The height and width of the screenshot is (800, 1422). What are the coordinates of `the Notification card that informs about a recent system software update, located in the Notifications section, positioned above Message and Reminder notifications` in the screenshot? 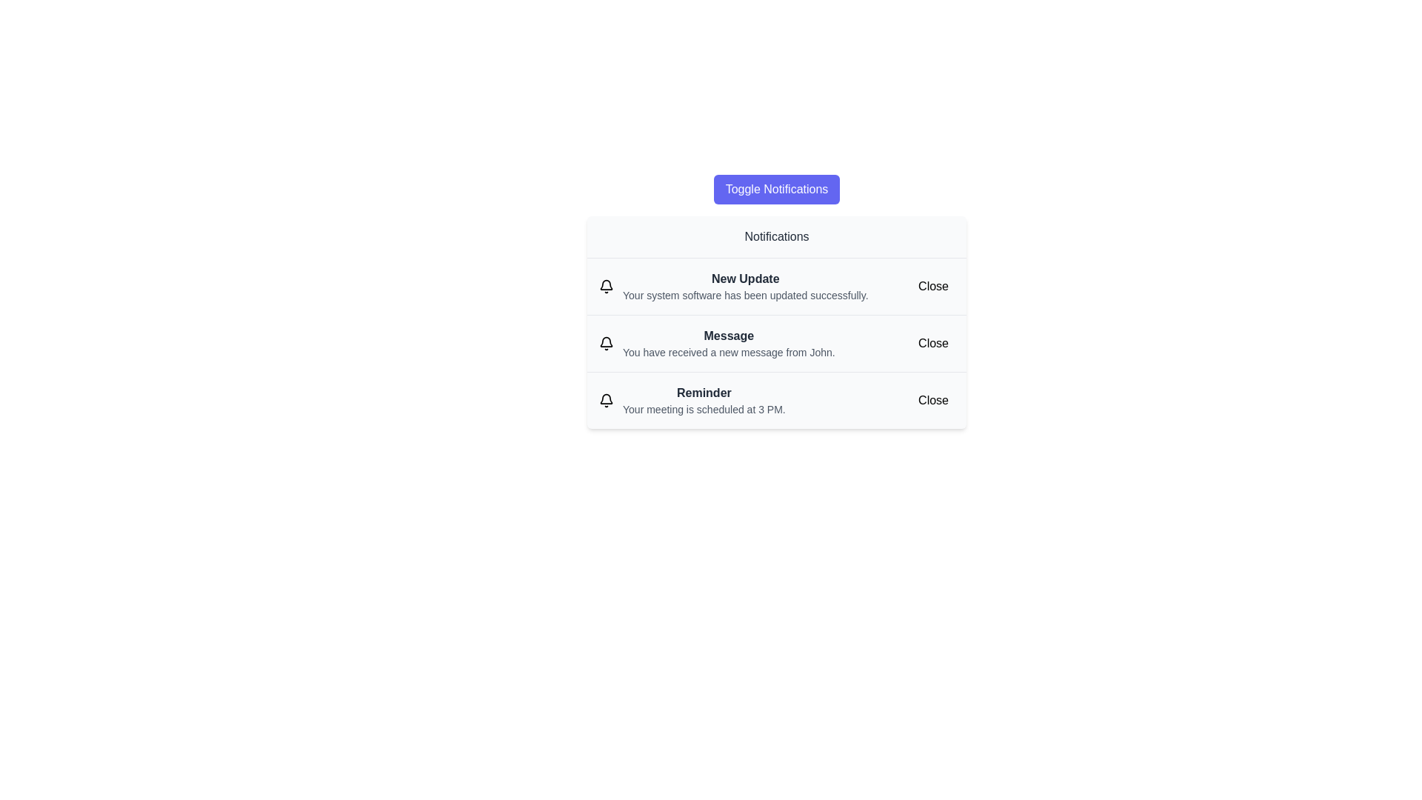 It's located at (776, 301).